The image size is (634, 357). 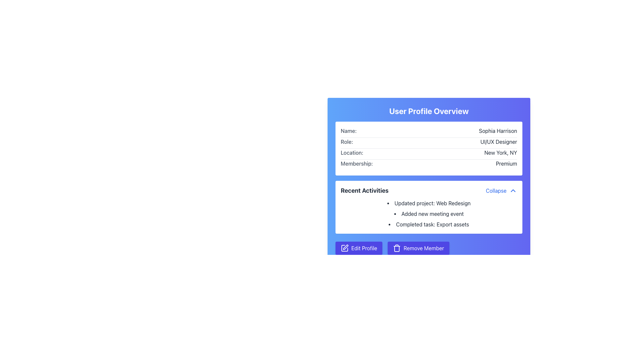 What do you see at coordinates (348, 131) in the screenshot?
I see `the text label reading 'Name:' which is styled in gray color and located in the user profile section, aligned horizontally with other labels` at bounding box center [348, 131].